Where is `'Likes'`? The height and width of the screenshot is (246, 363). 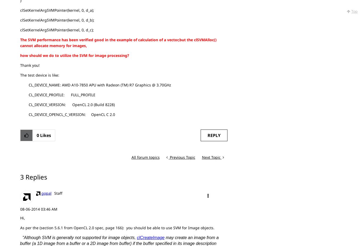 'Likes' is located at coordinates (45, 135).